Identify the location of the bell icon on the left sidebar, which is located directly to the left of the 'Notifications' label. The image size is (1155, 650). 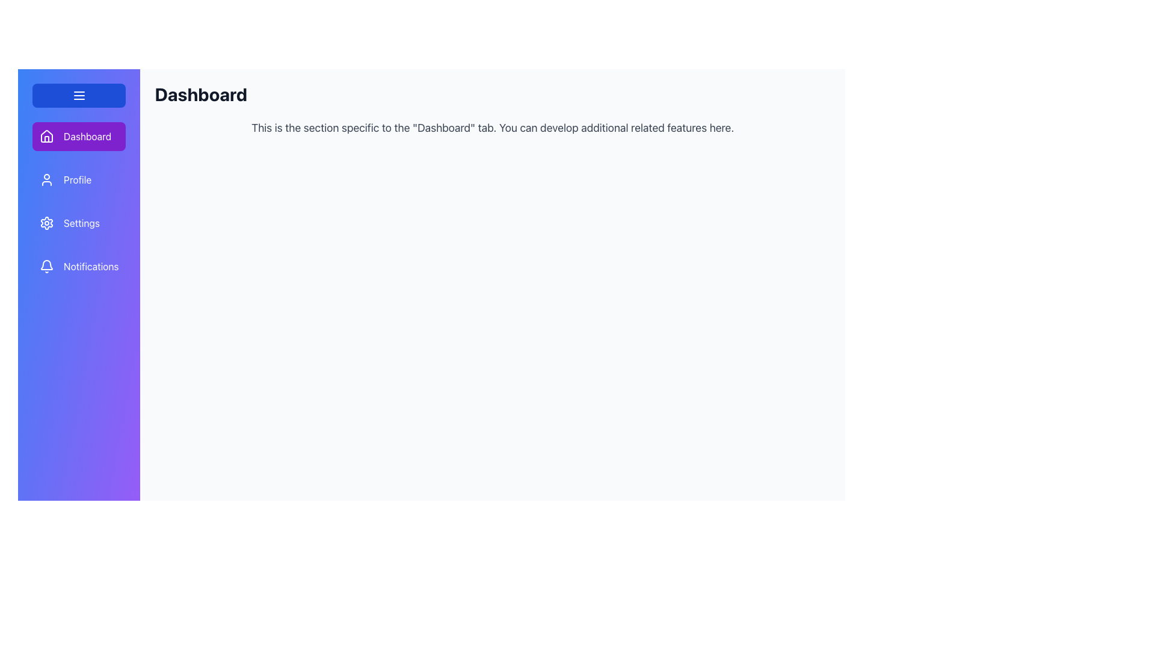
(46, 266).